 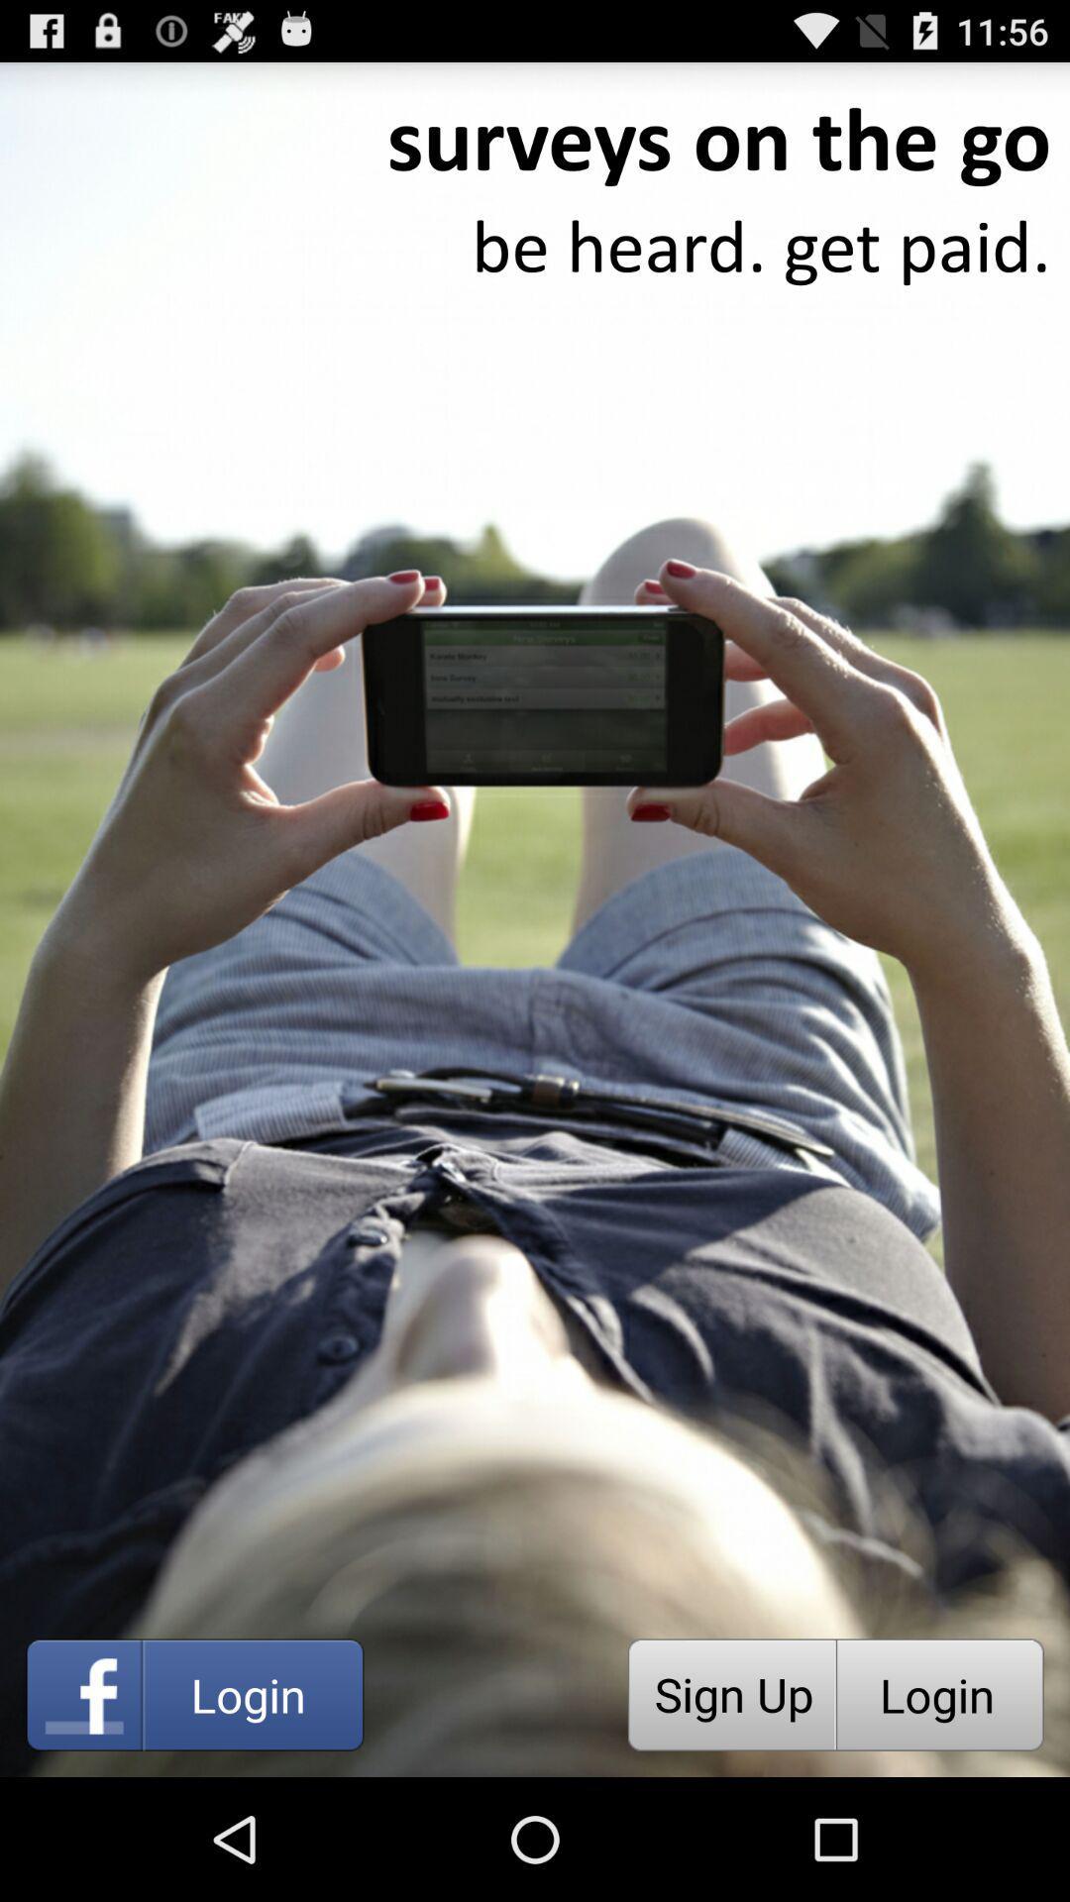 What do you see at coordinates (731, 1694) in the screenshot?
I see `the sign up` at bounding box center [731, 1694].